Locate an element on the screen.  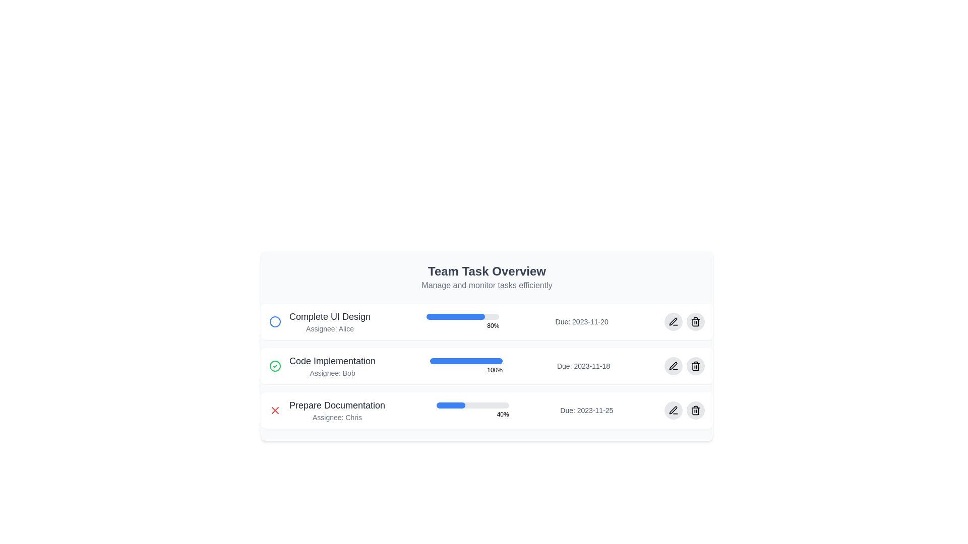
text label that displays 'Code Implementation' and 'Assignee: Bob', located in the second row of the task items list is located at coordinates (332, 366).